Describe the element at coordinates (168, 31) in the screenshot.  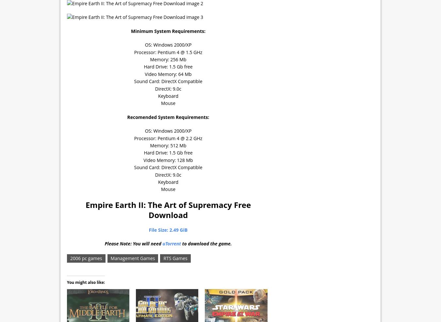
I see `'Minimum System Requirements:'` at that location.